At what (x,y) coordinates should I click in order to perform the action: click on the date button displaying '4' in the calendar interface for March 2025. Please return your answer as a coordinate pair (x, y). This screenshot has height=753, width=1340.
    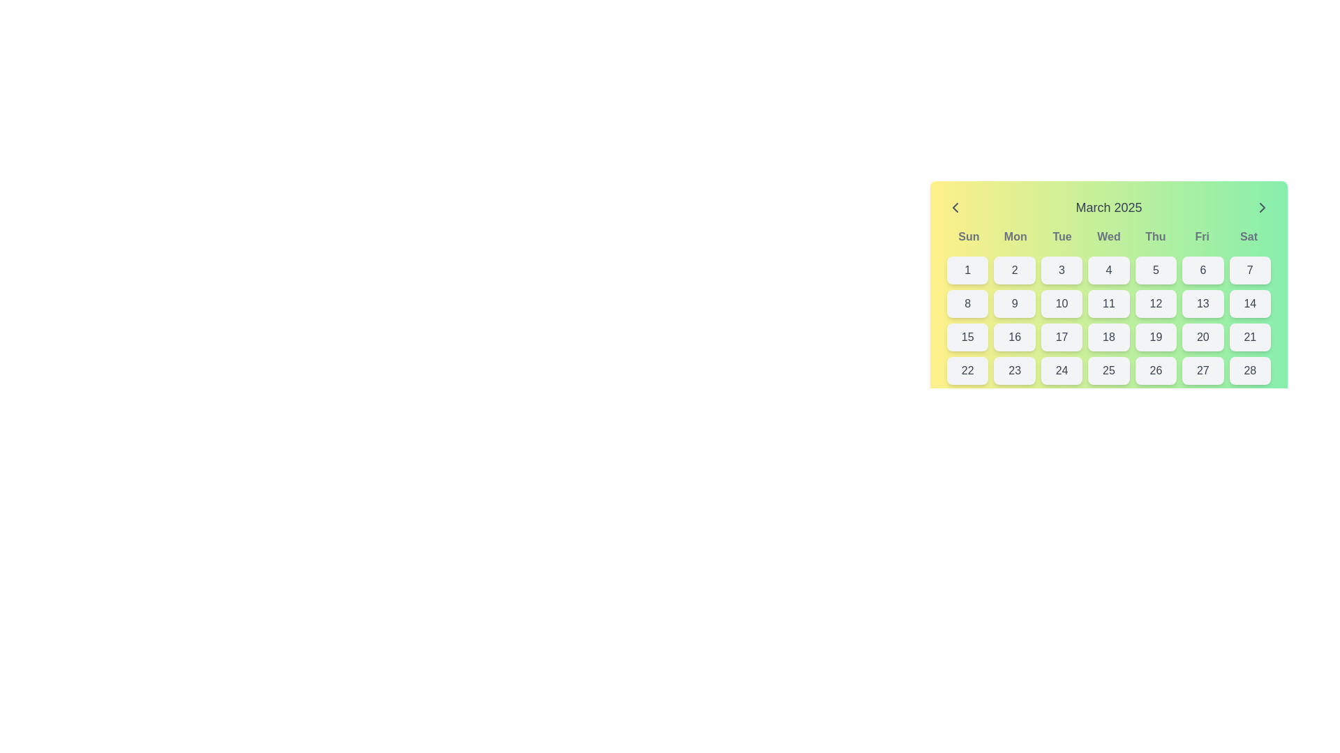
    Looking at the image, I should click on (1108, 276).